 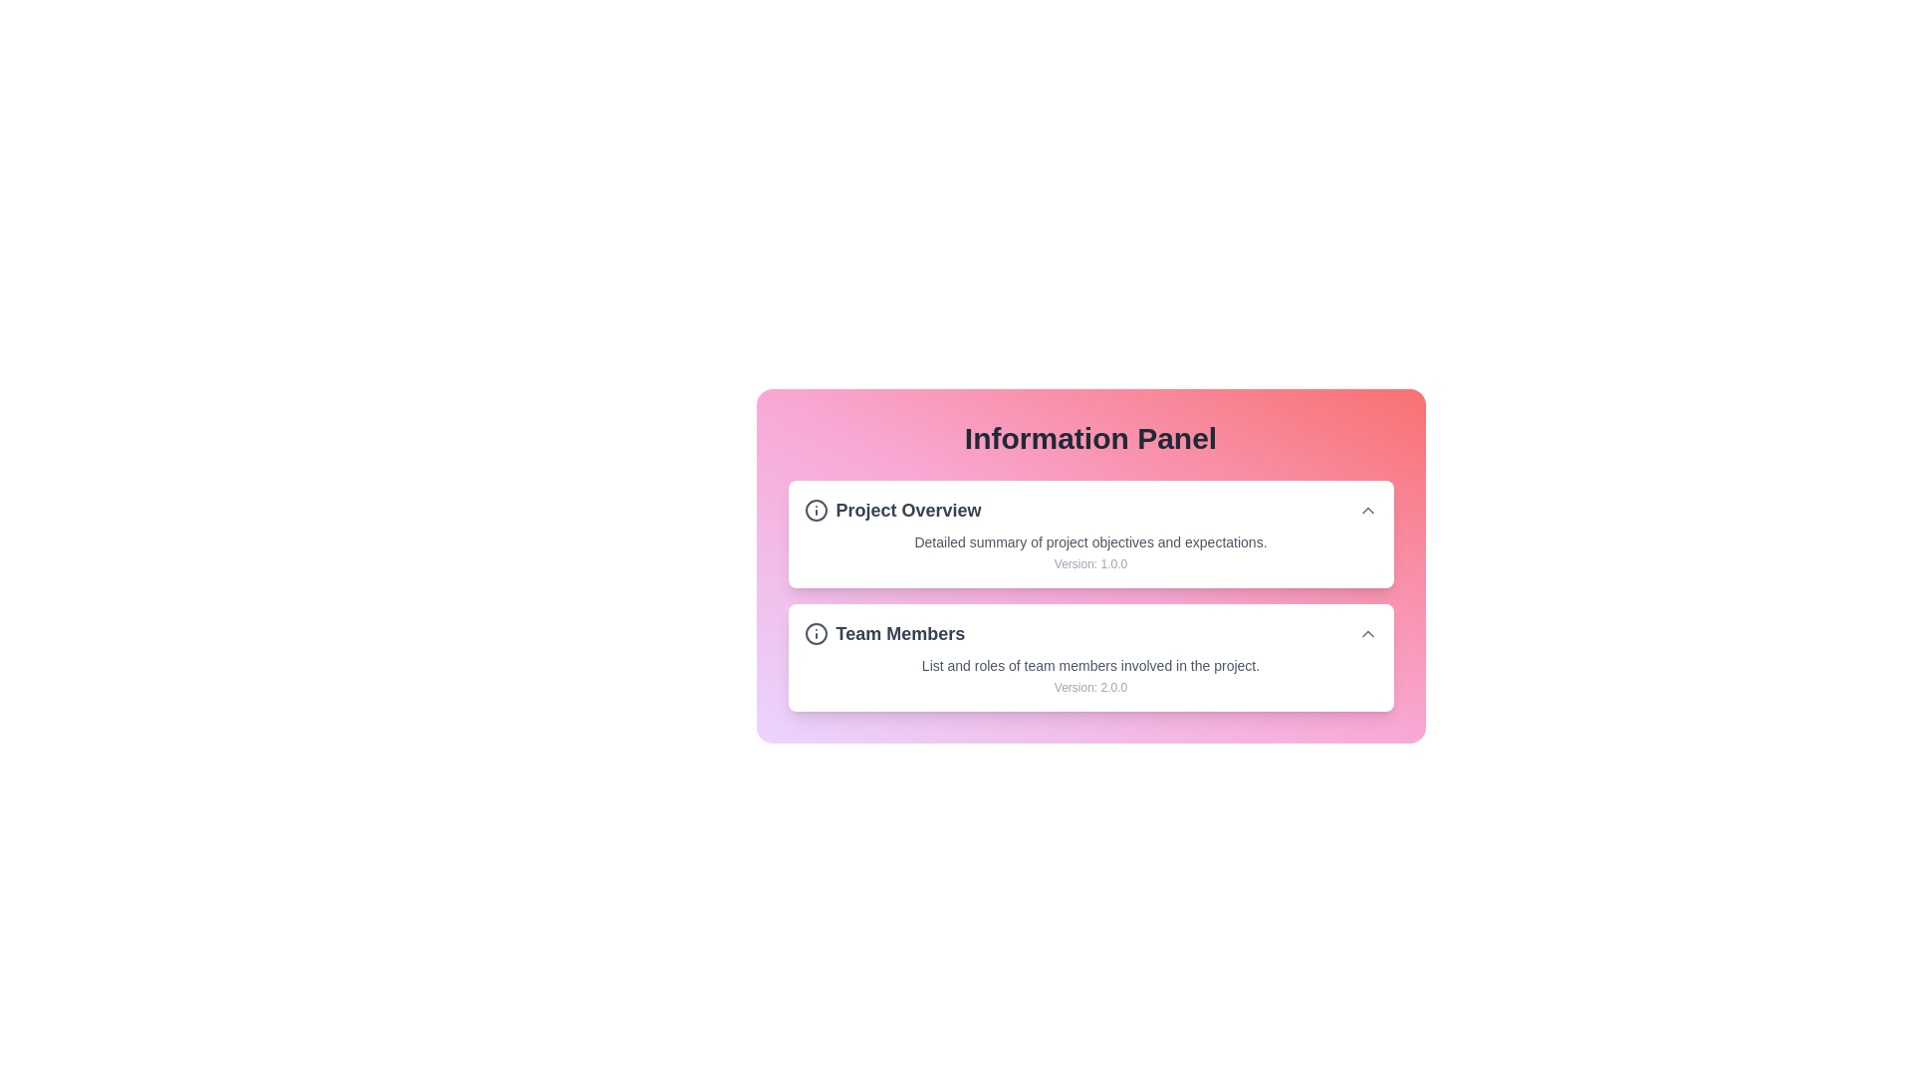 What do you see at coordinates (907, 510) in the screenshot?
I see `the 'Project Overview' text label, which is a bold, larger font size dark gray label located in the top section of a pink gradient panel` at bounding box center [907, 510].